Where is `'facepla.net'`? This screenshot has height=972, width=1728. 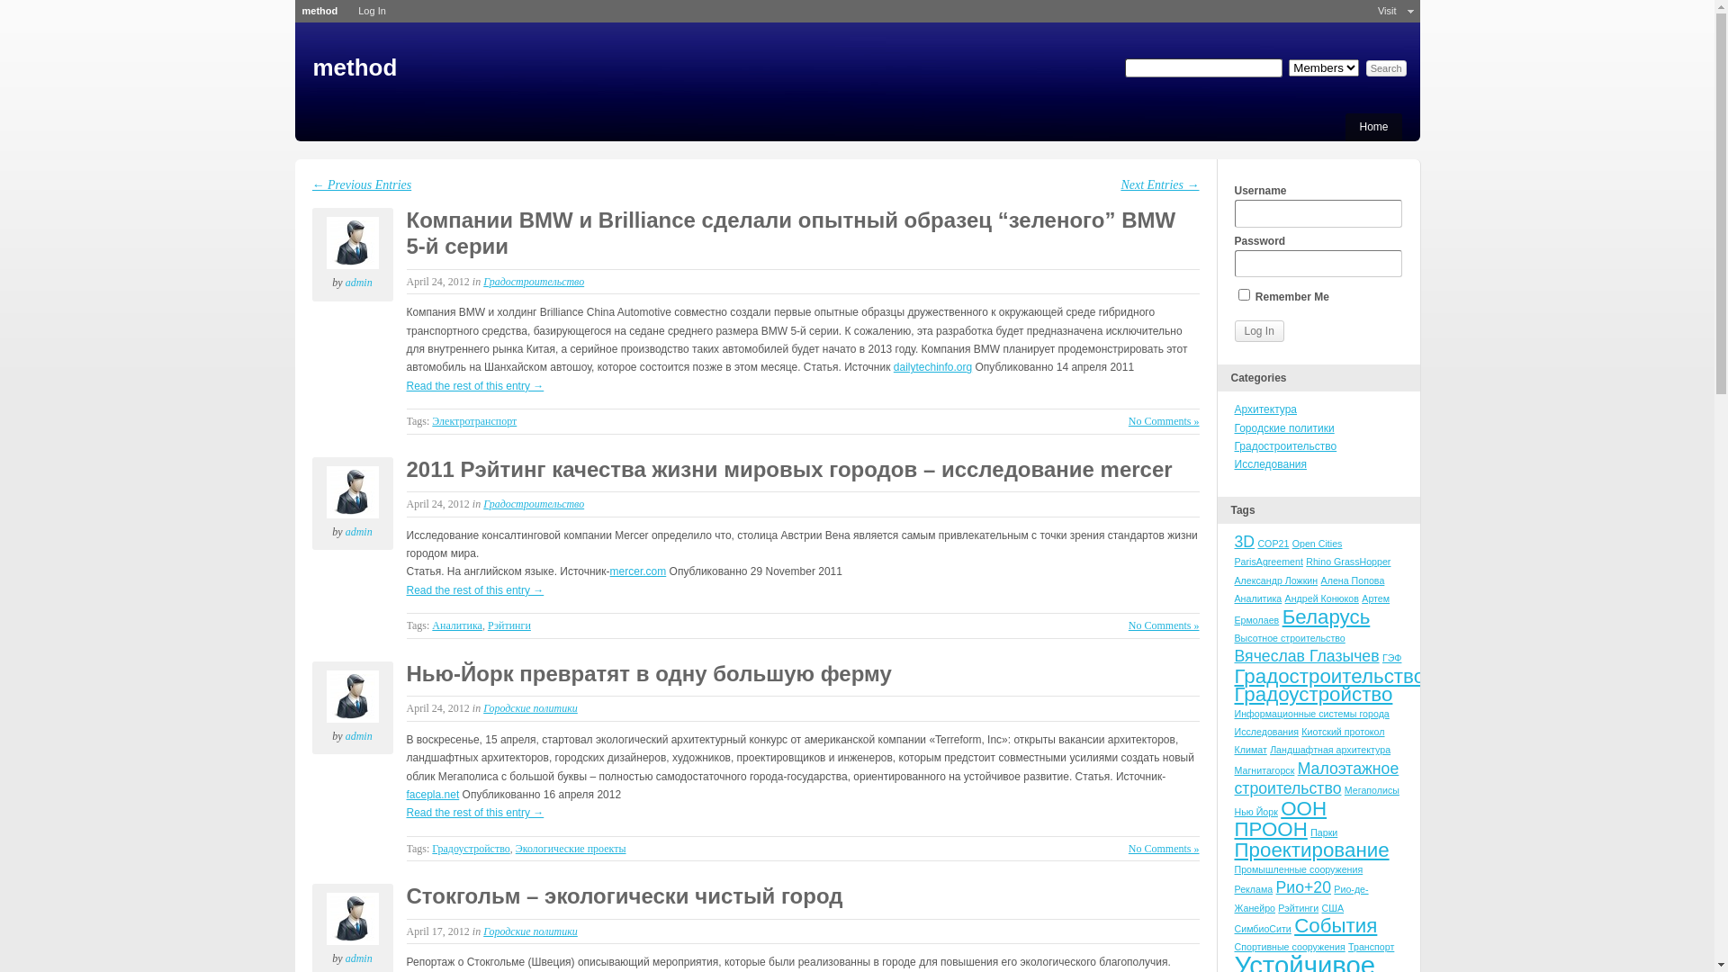
'facepla.net' is located at coordinates (433, 794).